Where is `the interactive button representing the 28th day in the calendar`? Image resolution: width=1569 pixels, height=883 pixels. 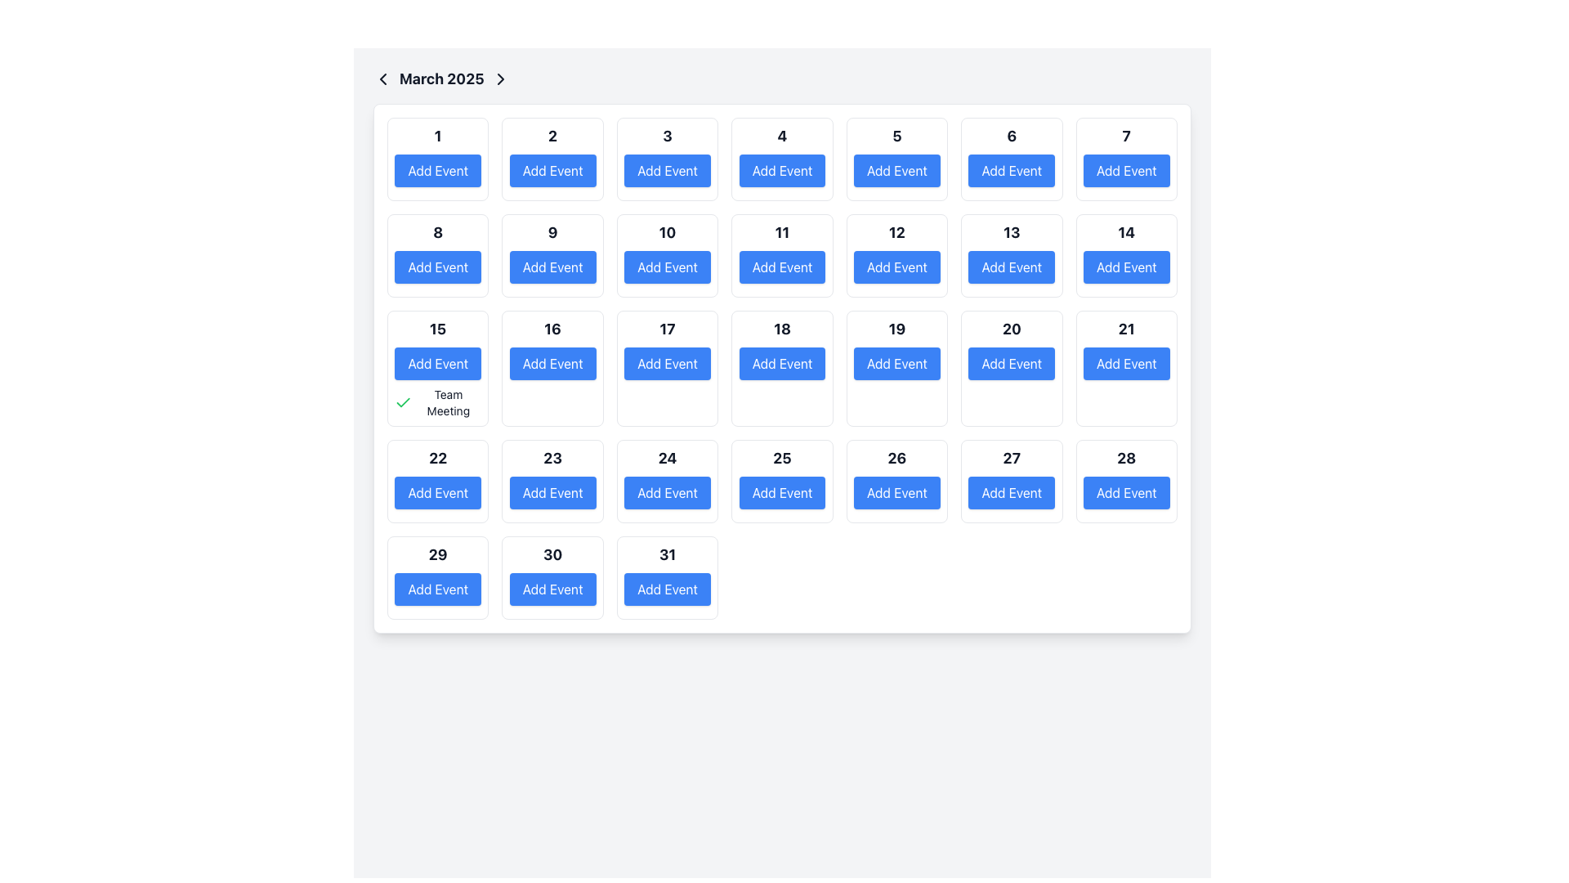
the interactive button representing the 28th day in the calendar is located at coordinates (1125, 481).